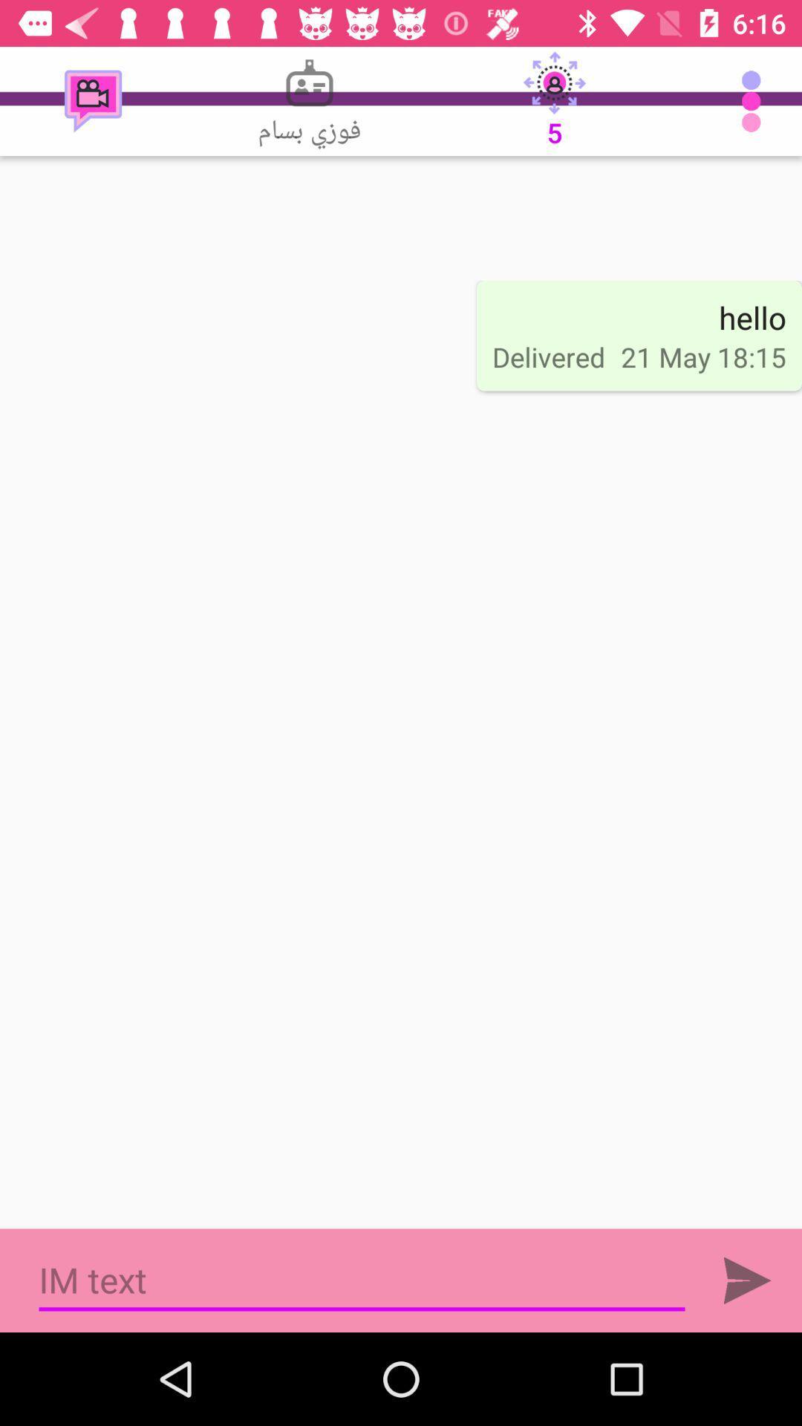  I want to click on item to the left of the 21 may 18, so click(549, 356).